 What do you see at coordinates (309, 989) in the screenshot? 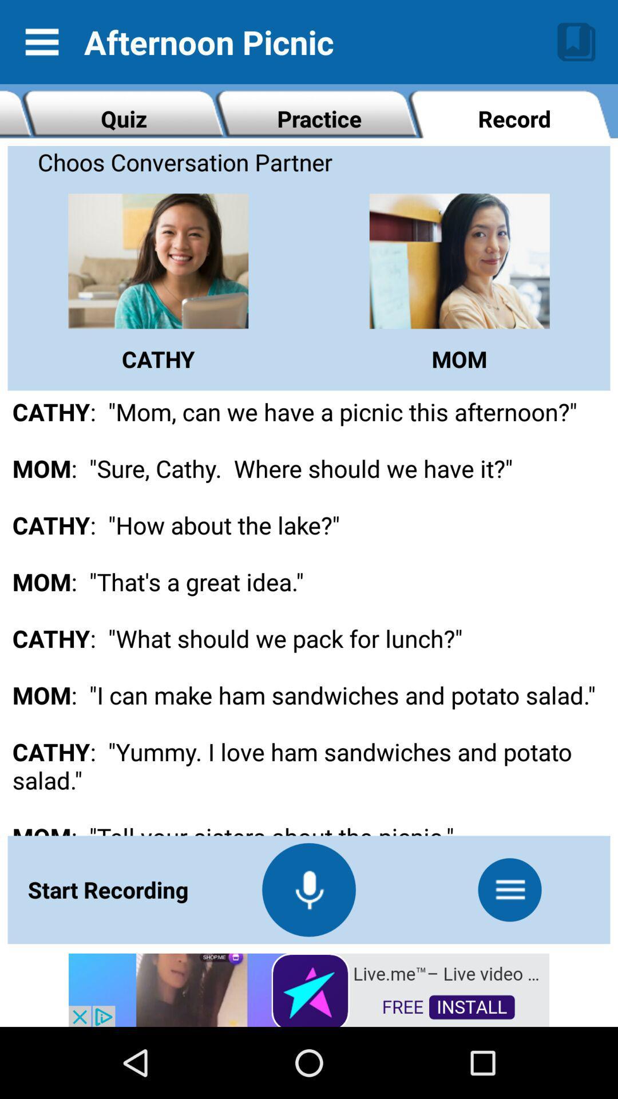
I see `this is an advertisement` at bounding box center [309, 989].